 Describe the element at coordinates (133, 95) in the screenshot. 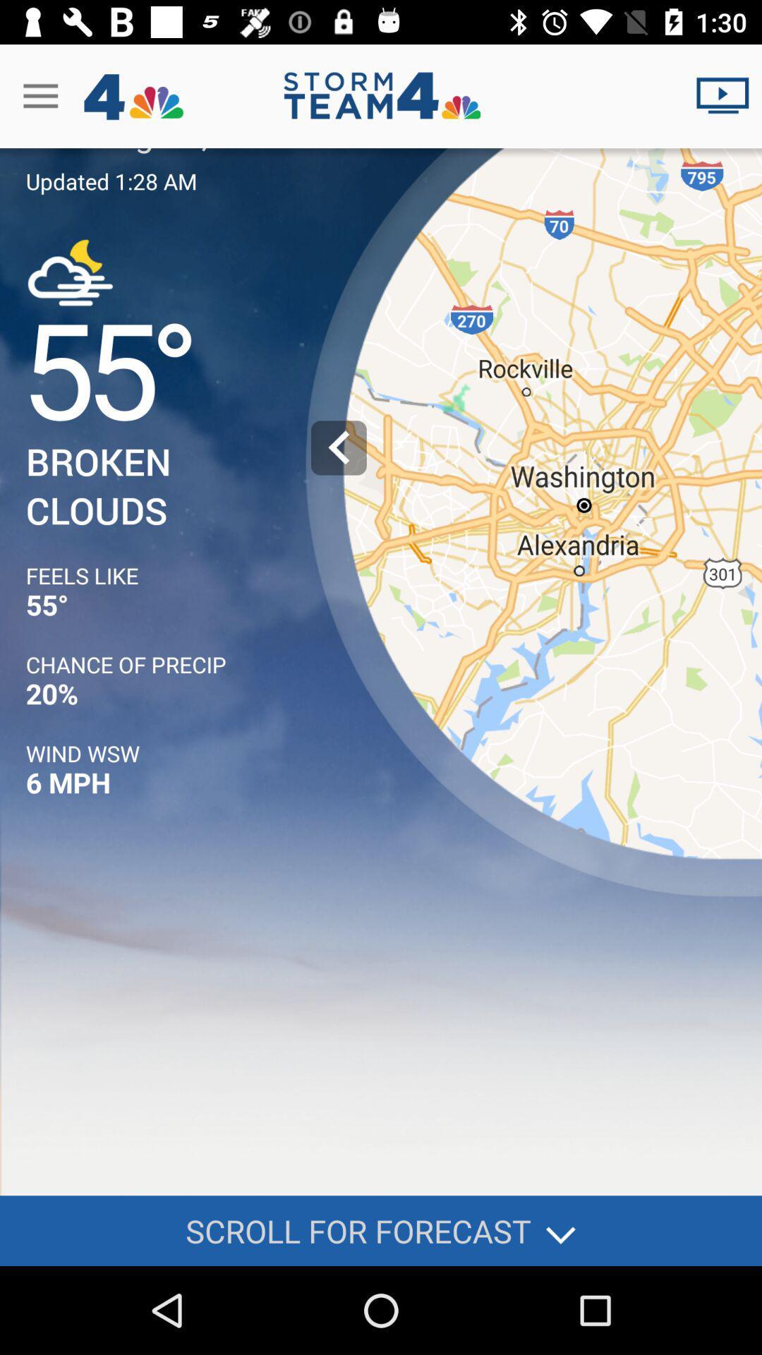

I see `the logo next to menu icon` at that location.